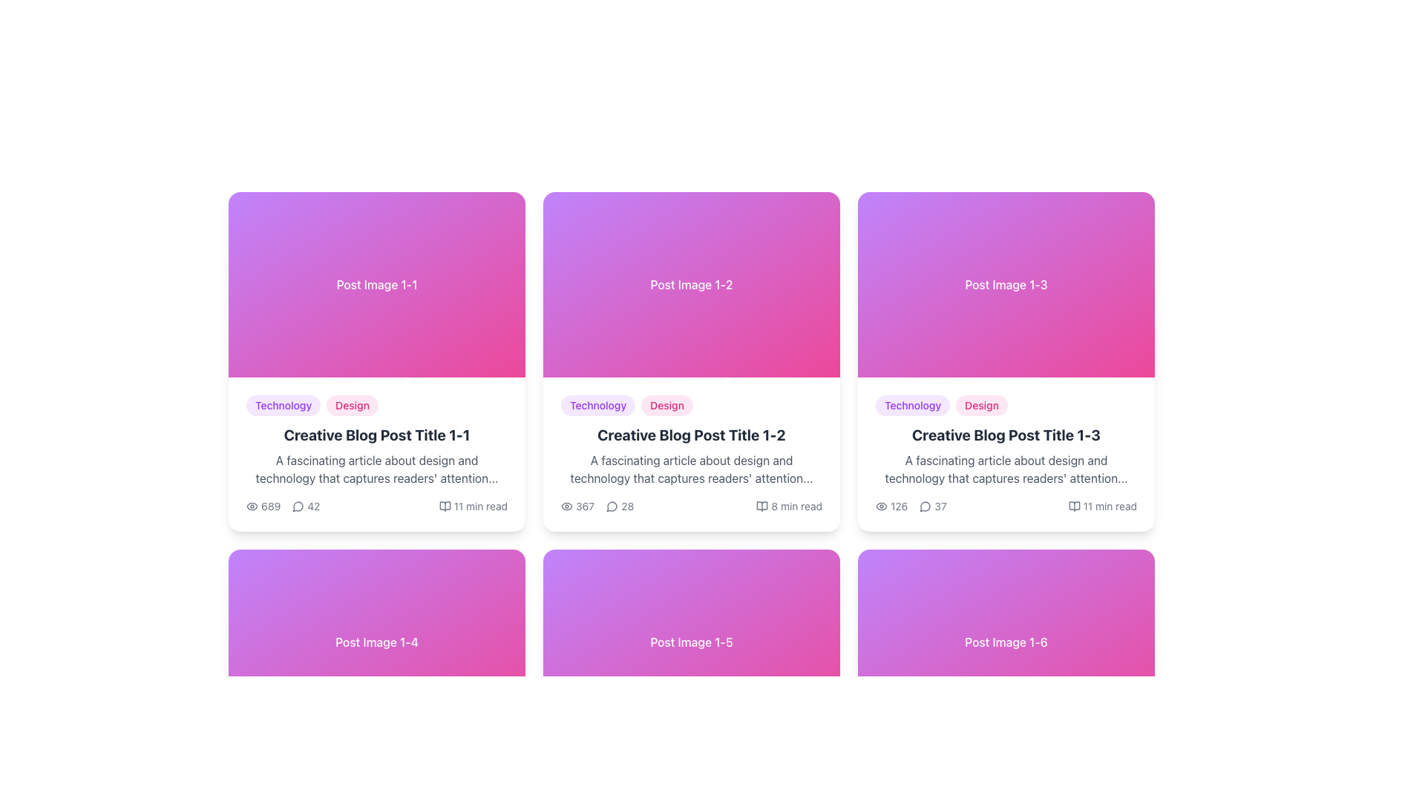 The image size is (1425, 801). I want to click on the static visual header with a gradient background and the text 'Post Image 1-5' located in the second row and third column of a 2x3 grid layout, so click(690, 642).